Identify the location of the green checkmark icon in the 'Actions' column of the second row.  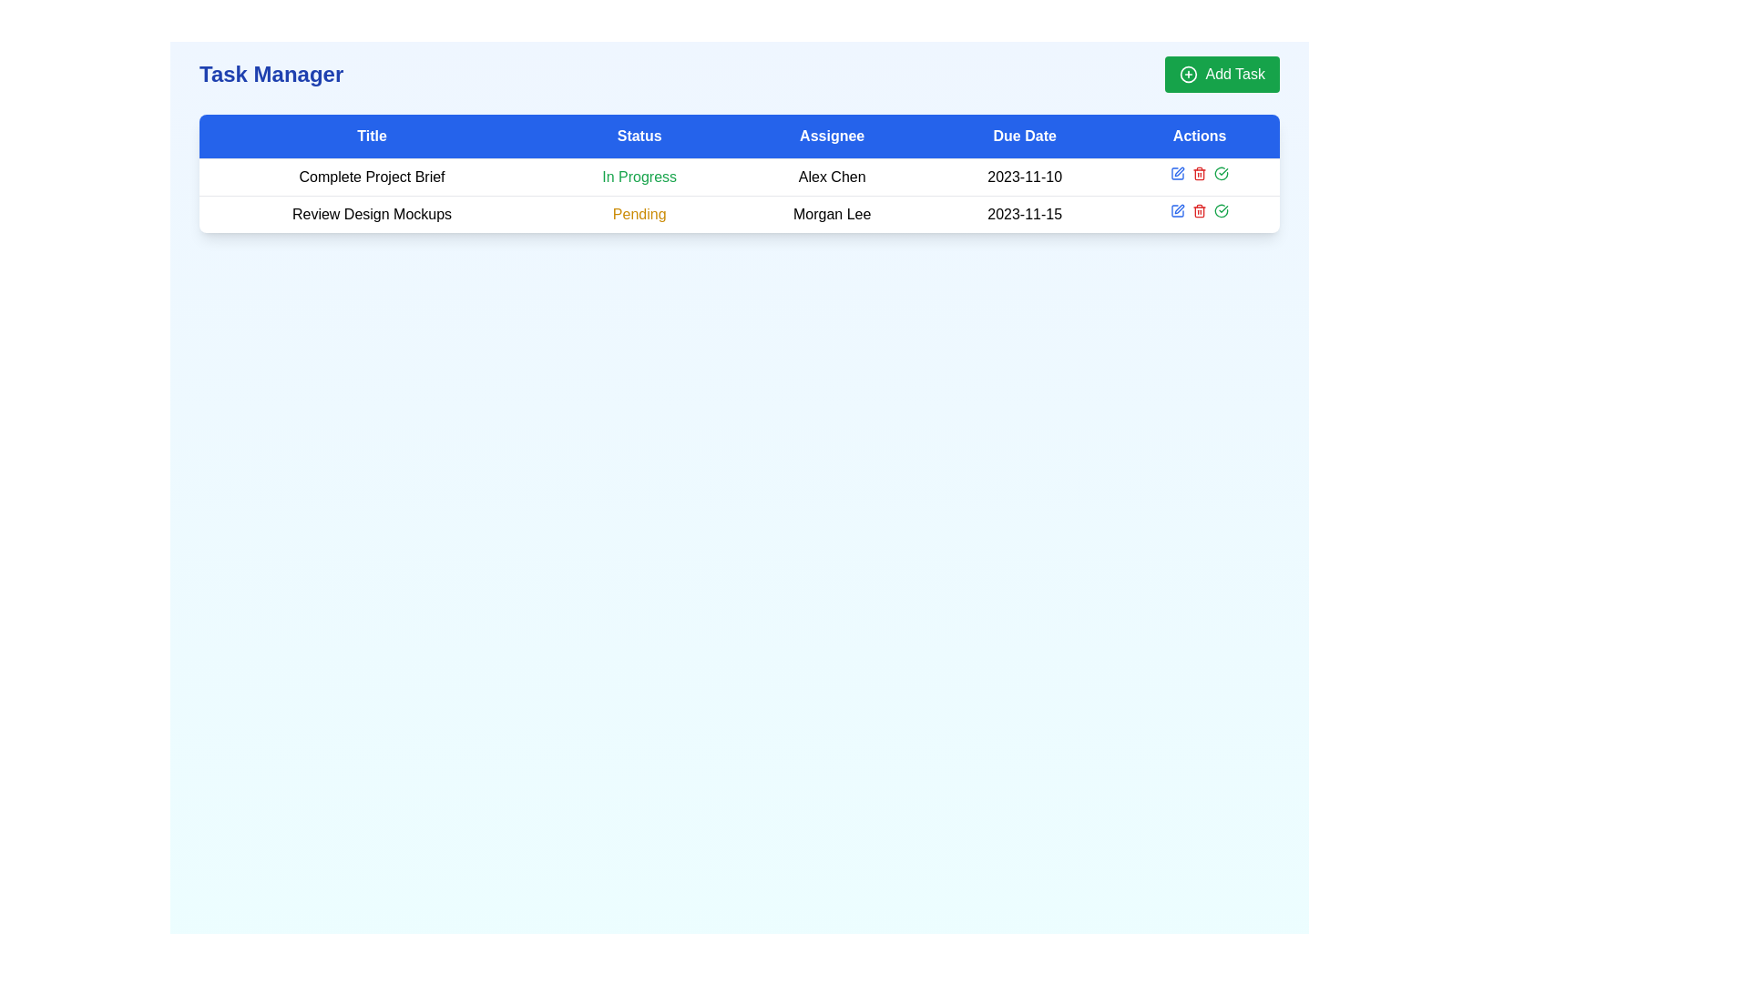
(1222, 174).